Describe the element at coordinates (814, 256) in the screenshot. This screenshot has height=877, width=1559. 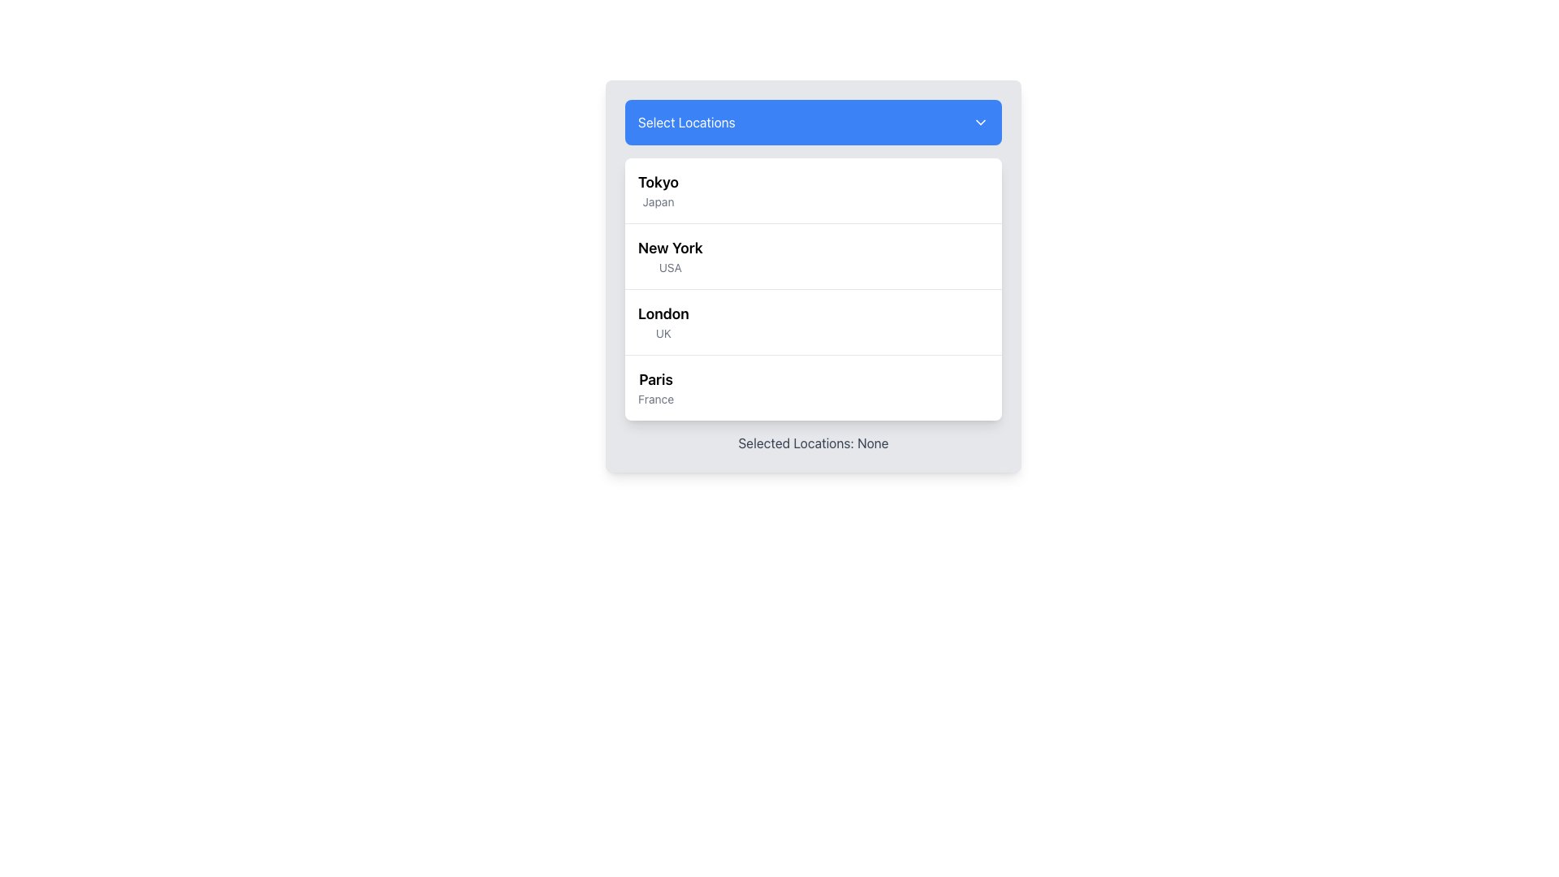
I see `the selectable list item displaying 'New York'` at that location.